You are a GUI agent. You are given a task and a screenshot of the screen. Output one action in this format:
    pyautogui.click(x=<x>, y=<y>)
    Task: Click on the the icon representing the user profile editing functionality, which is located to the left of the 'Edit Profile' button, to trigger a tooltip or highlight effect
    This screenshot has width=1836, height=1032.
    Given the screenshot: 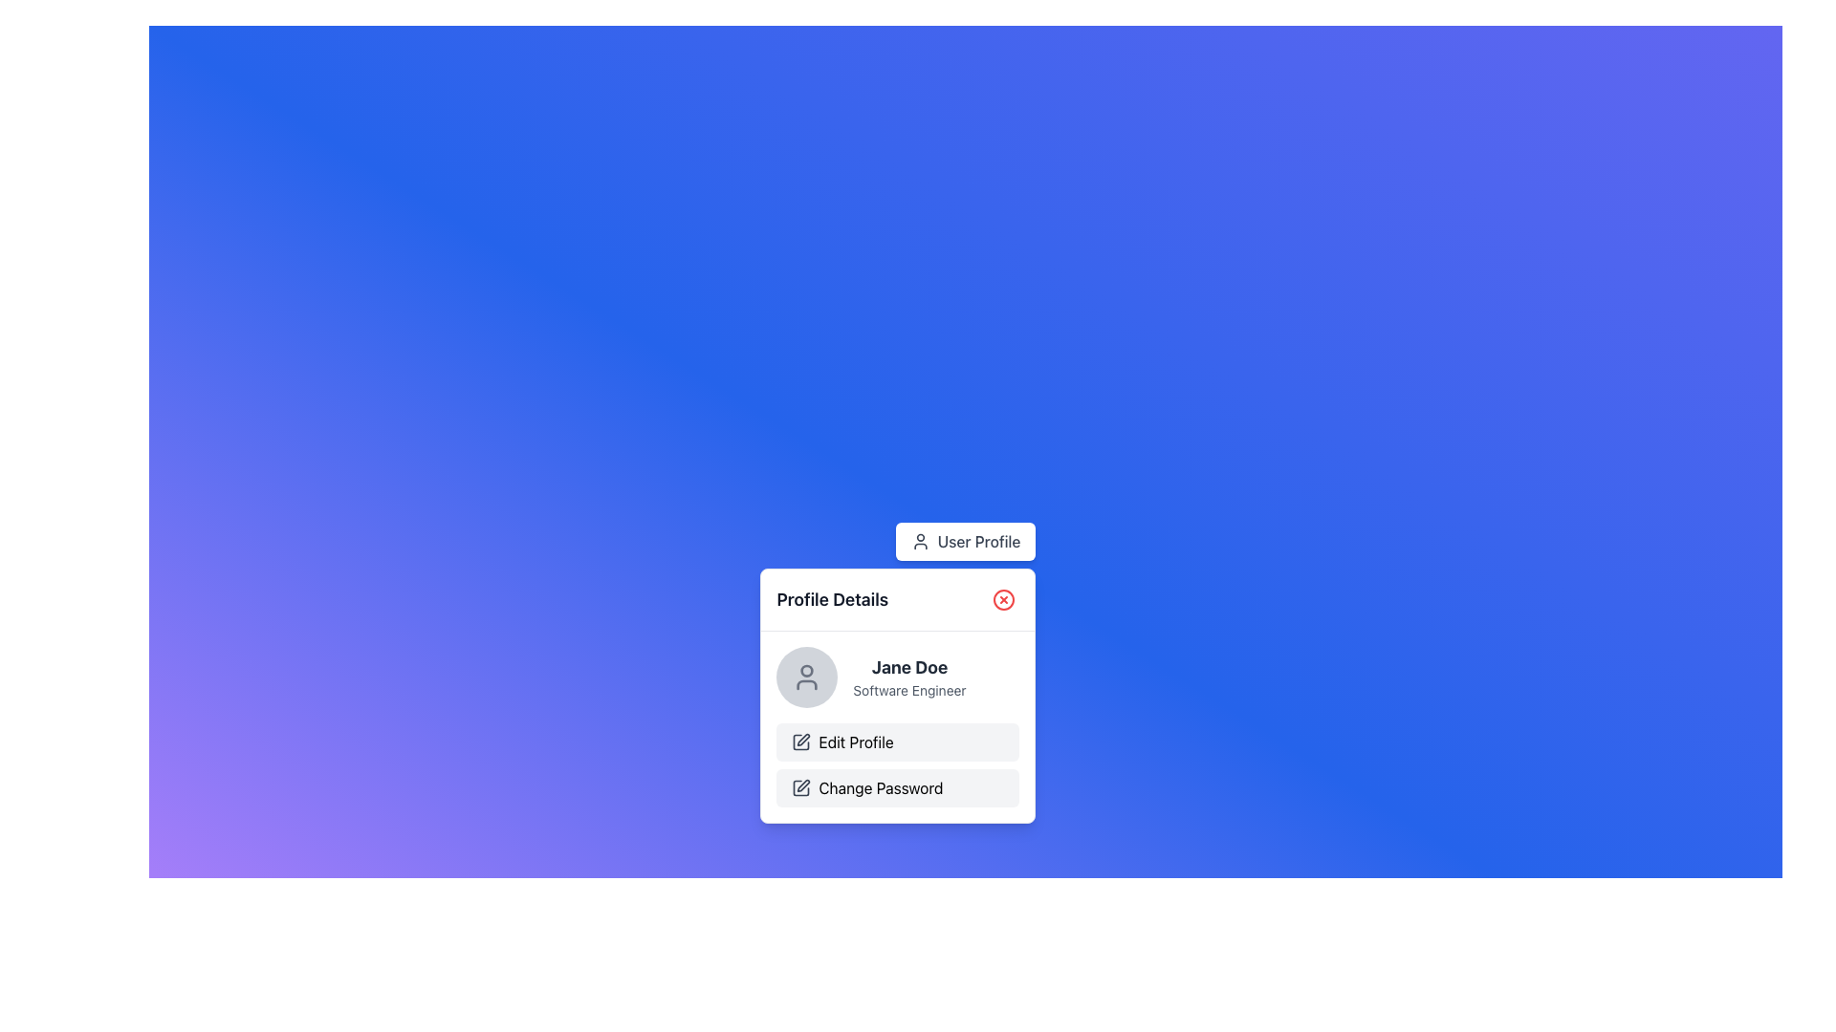 What is the action you would take?
    pyautogui.click(x=803, y=739)
    